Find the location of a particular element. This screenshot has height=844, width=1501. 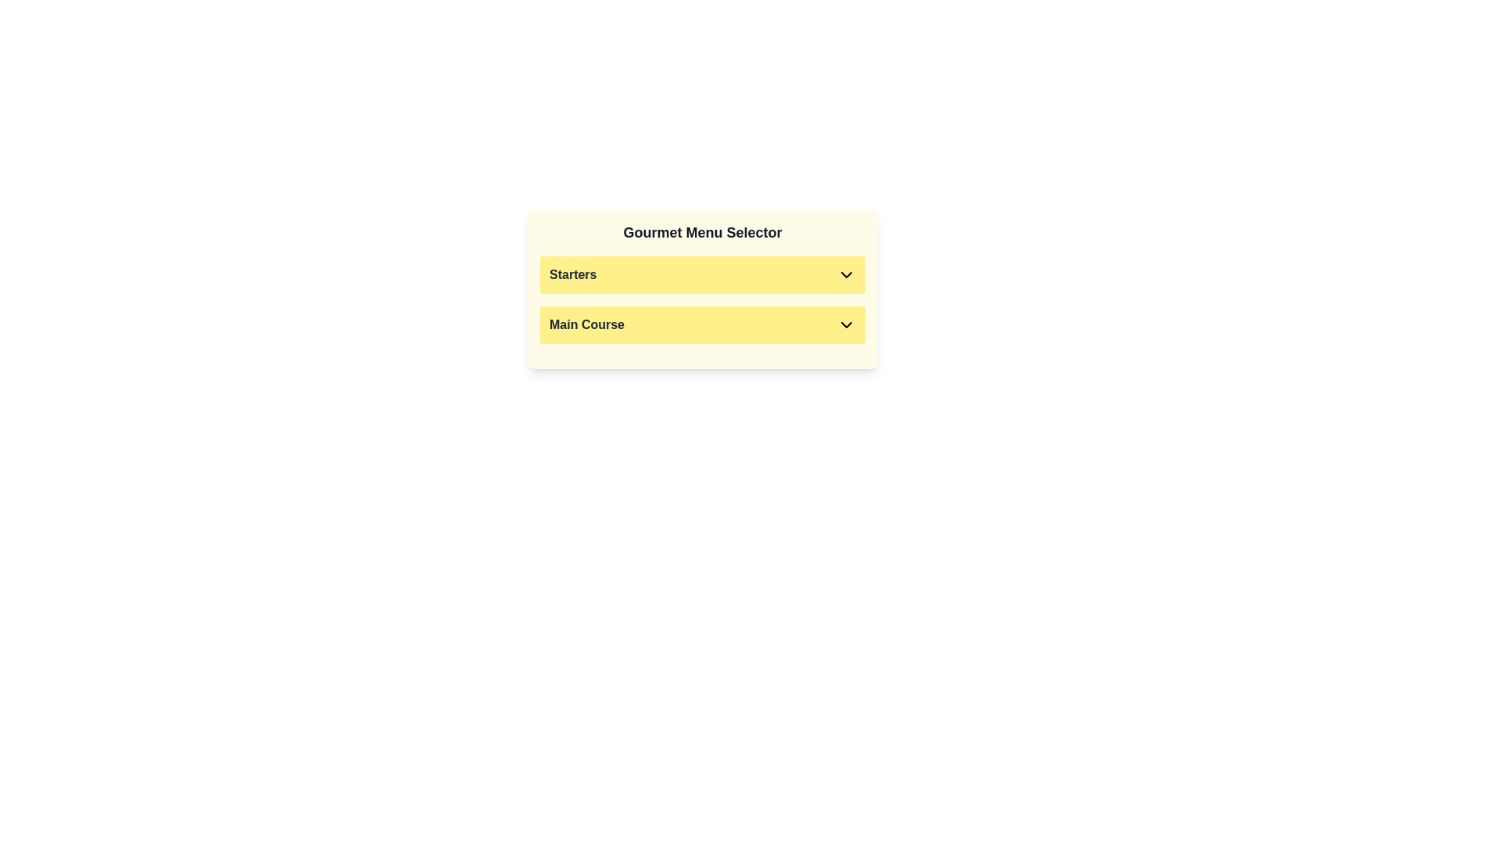

the text label displaying 'Gourmet Menu Selector' which is in bold and dark gray on a light yellow background is located at coordinates (701, 232).